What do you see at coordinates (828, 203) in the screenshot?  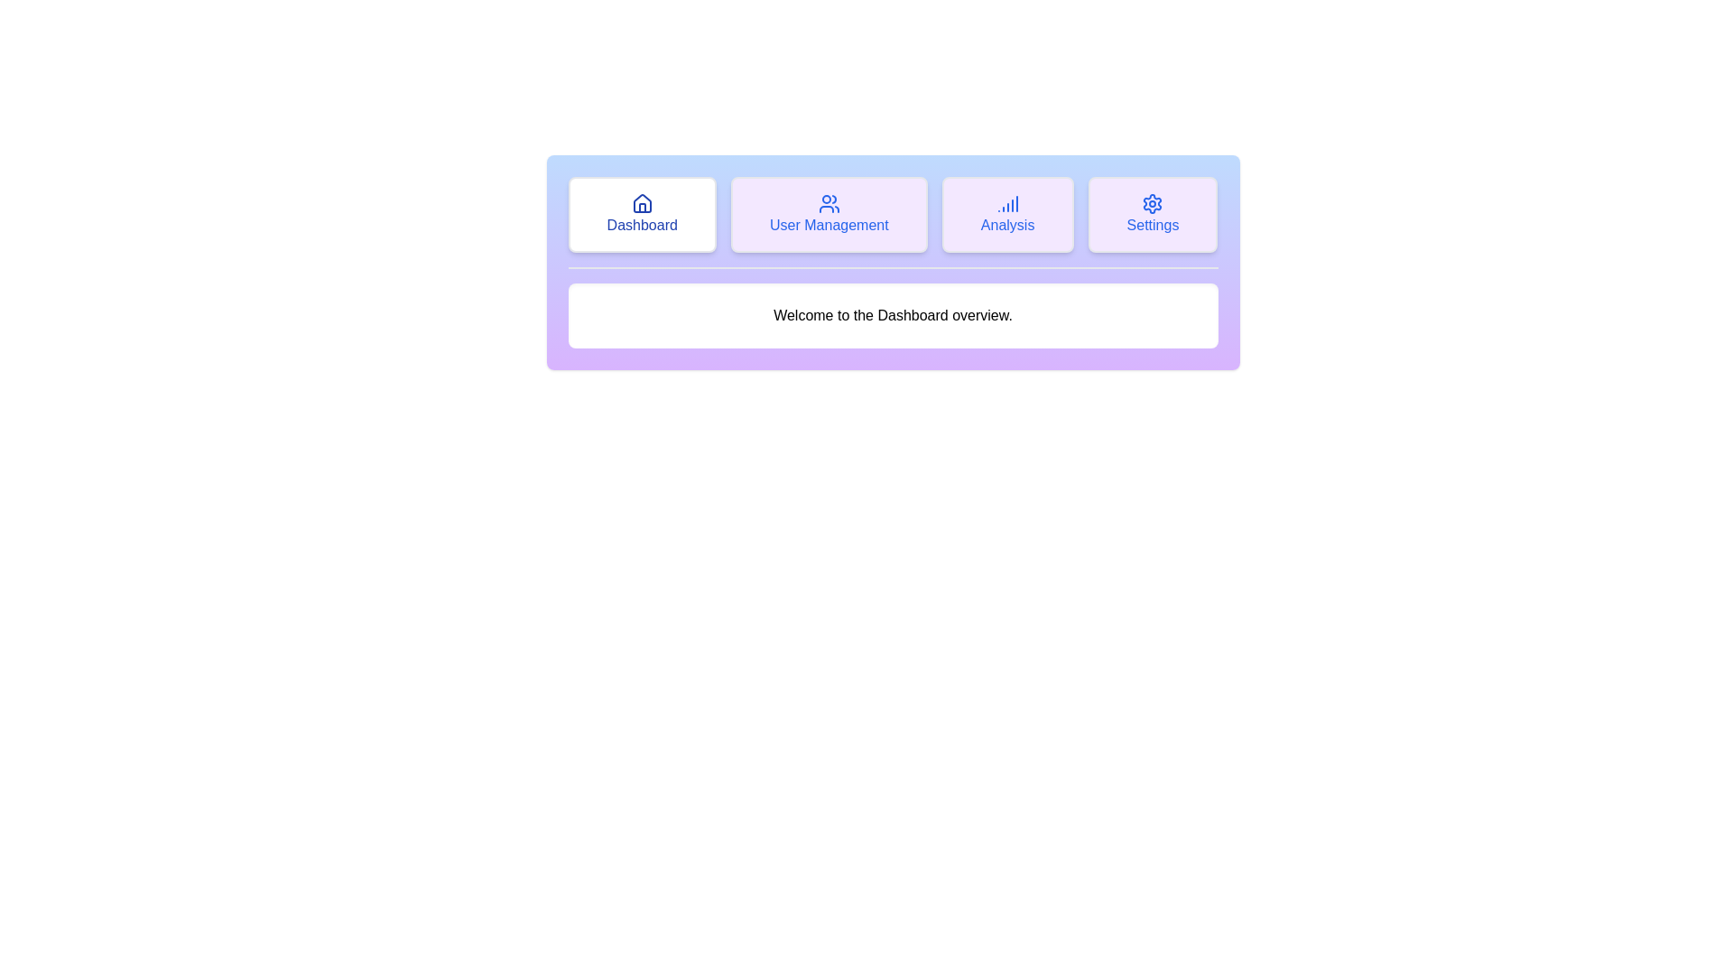 I see `the 'User Management' icon located centrally above the text label in the navigation bar` at bounding box center [828, 203].